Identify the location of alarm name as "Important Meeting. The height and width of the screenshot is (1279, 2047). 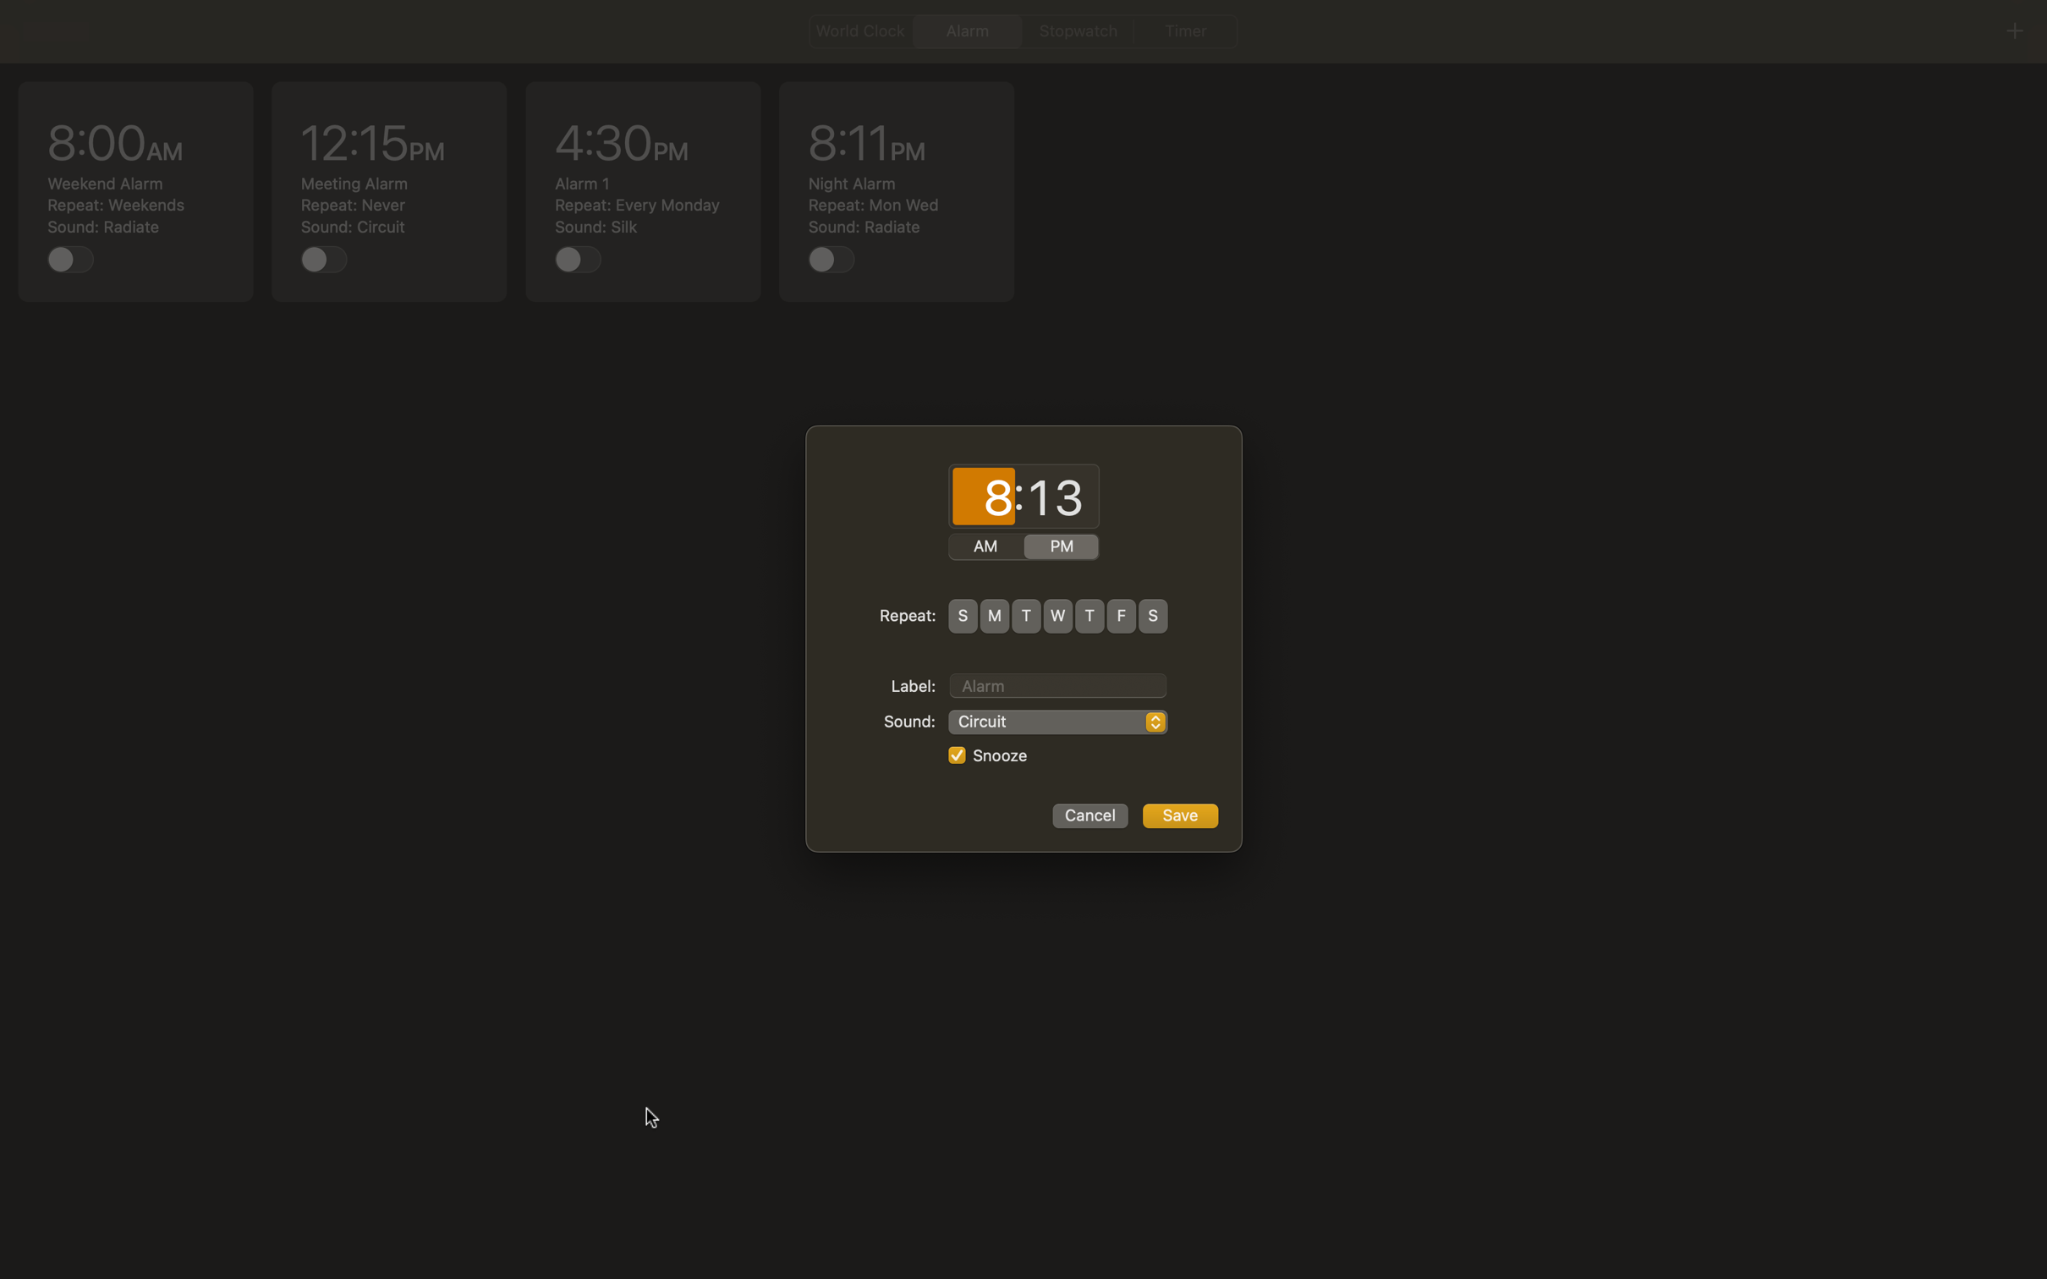
(1057, 683).